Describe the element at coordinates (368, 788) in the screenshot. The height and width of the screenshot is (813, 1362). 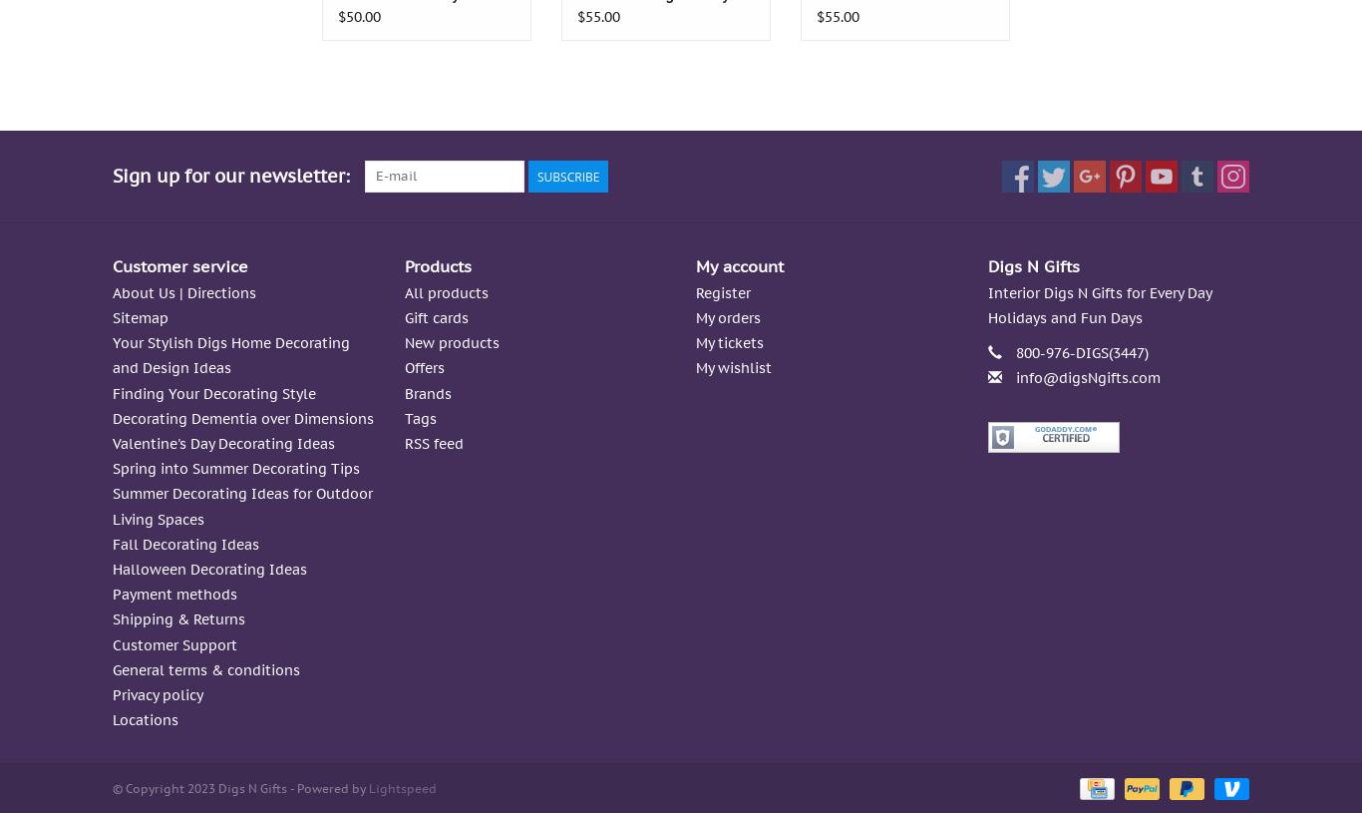
I see `'Lightspeed'` at that location.